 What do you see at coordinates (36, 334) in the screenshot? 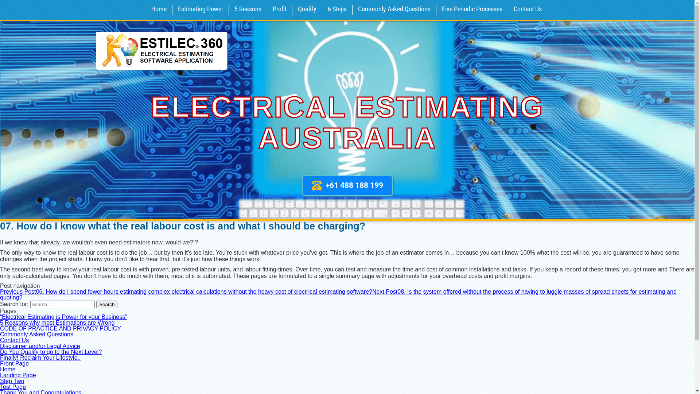
I see `'Commonly Asked Questions'` at bounding box center [36, 334].